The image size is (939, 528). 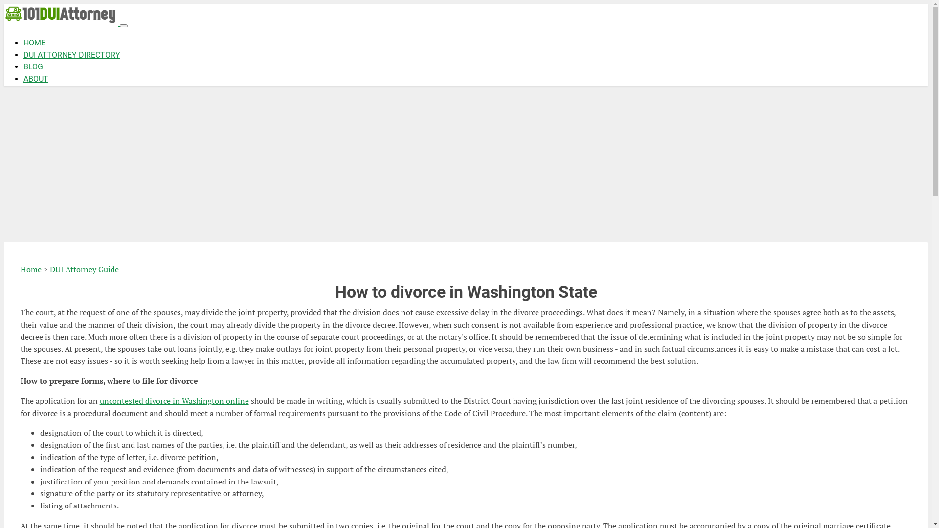 I want to click on 'Home', so click(x=31, y=269).